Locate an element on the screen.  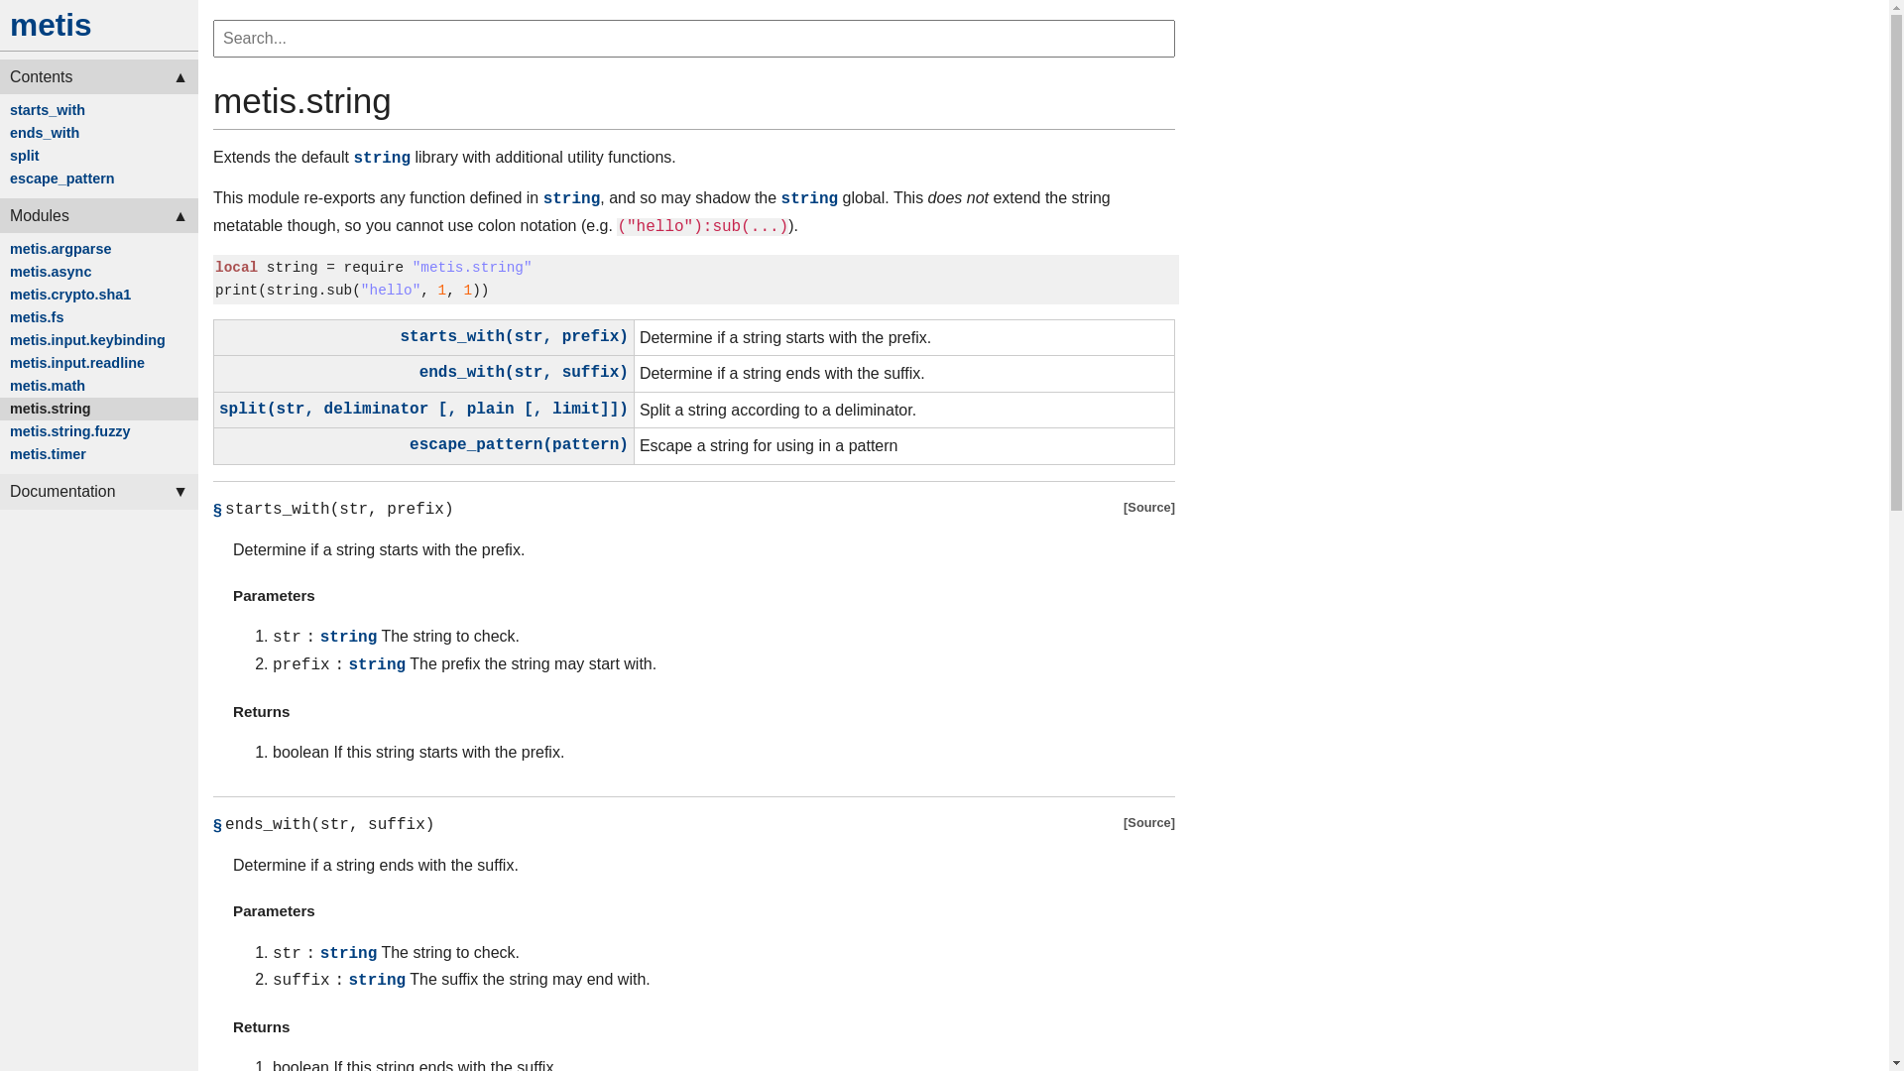
'string ' is located at coordinates (295, 268).